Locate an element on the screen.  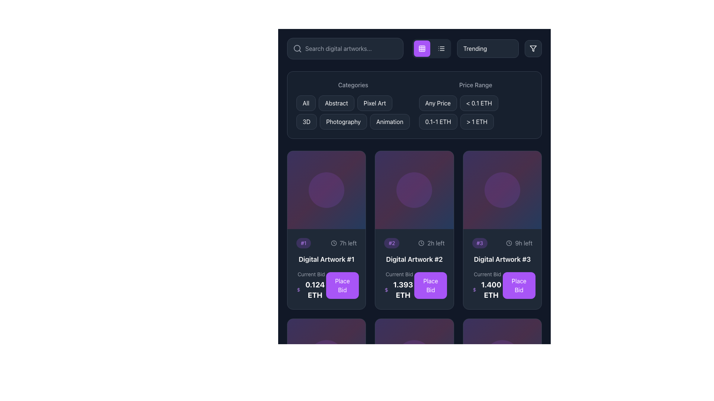
the decorative circle with a purple hue and semi-transparent appearance, located in the first card of the second row in the grid is located at coordinates (327, 190).